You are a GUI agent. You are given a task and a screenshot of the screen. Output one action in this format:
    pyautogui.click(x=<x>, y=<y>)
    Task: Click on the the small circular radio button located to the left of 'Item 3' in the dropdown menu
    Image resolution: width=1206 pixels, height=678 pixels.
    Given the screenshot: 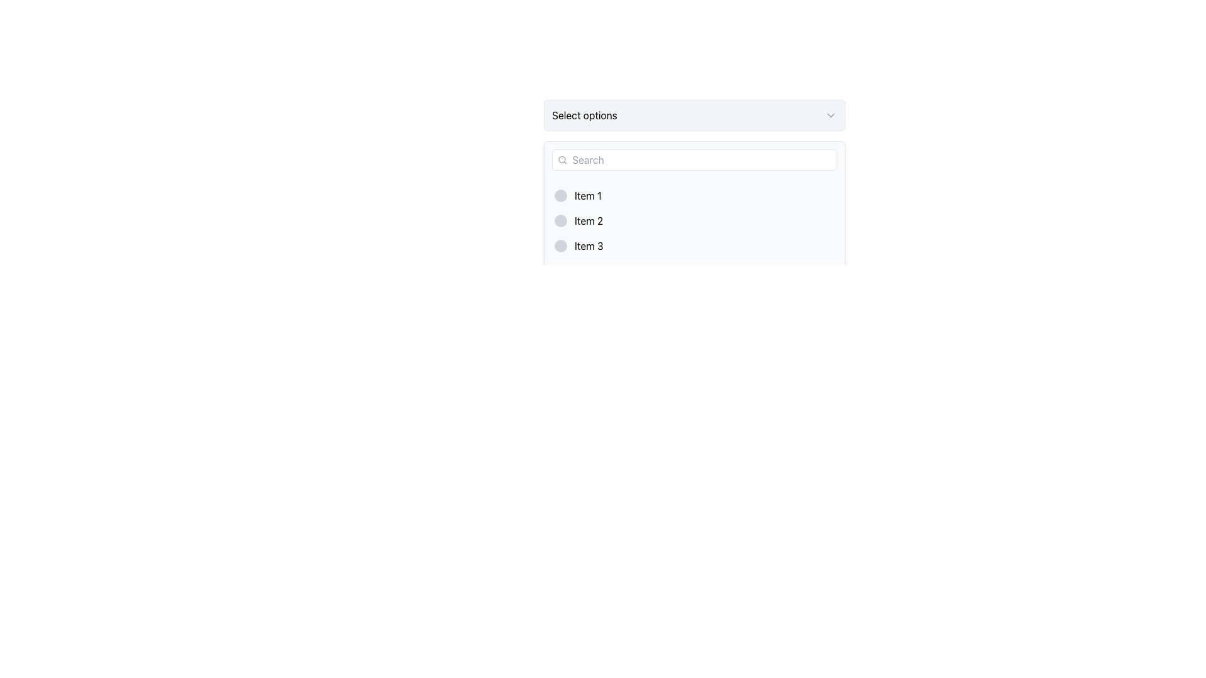 What is the action you would take?
    pyautogui.click(x=560, y=246)
    